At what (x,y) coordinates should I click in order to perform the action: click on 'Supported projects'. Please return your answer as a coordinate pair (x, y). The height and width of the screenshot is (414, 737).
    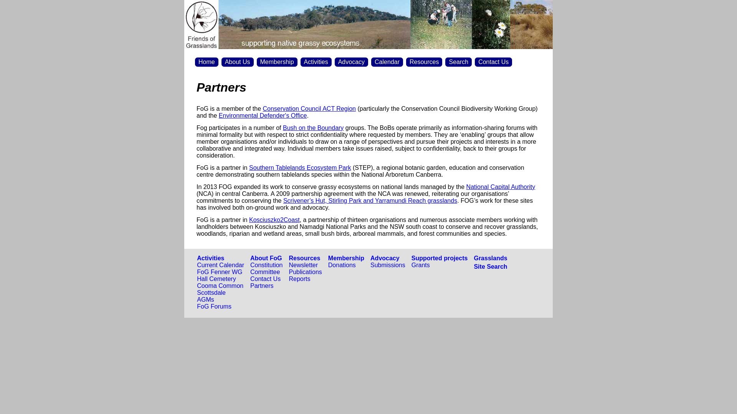
    Looking at the image, I should click on (411, 258).